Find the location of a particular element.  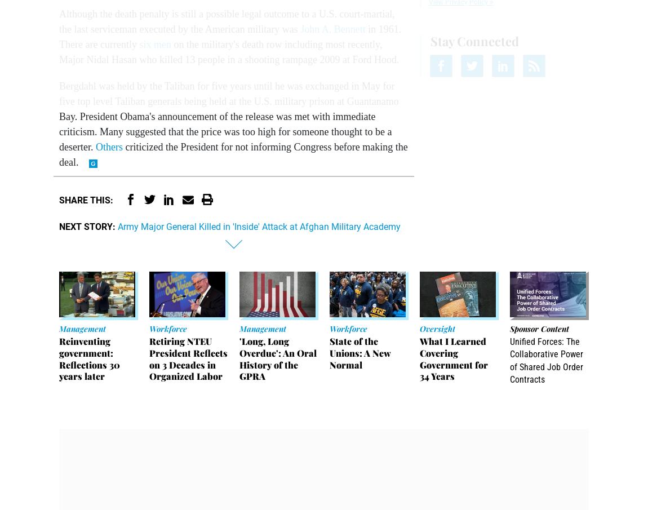

'Retiring NTEU President Reflects on 3 Decades in Organized Labor' is located at coordinates (188, 358).